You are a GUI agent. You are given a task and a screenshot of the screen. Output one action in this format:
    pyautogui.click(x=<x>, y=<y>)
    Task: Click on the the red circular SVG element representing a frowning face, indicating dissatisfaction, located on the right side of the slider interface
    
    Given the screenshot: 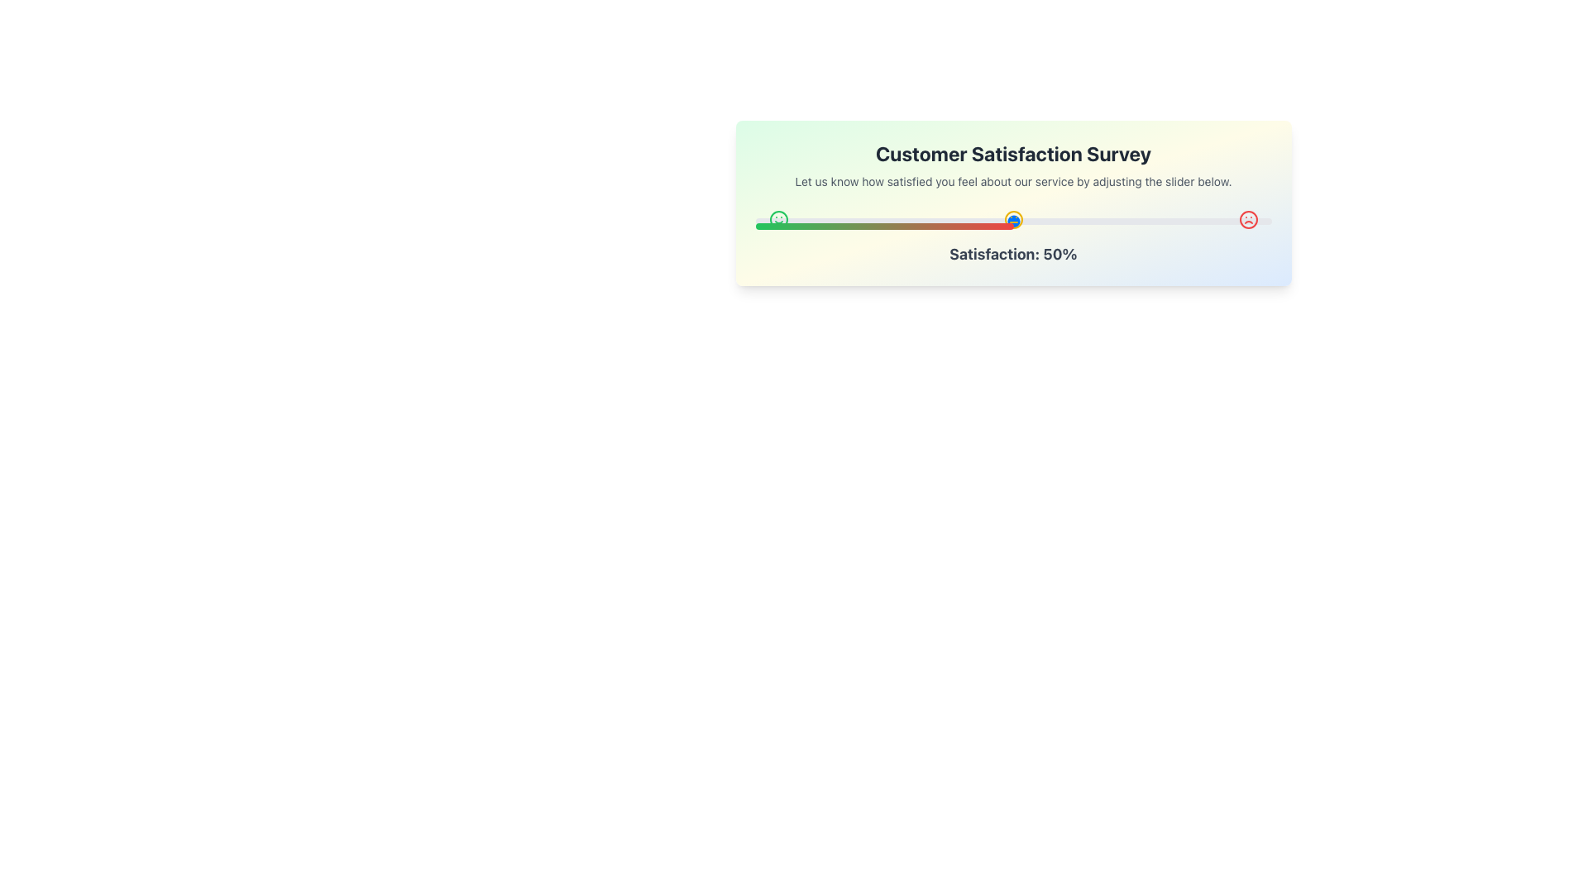 What is the action you would take?
    pyautogui.click(x=1248, y=219)
    